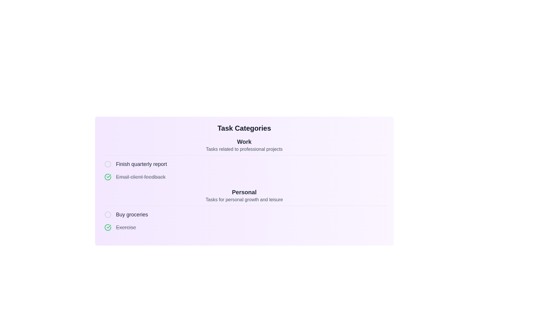 This screenshot has height=315, width=560. Describe the element at coordinates (244, 146) in the screenshot. I see `the Header with a subtitle element that displays 'Work' and 'Tasks related to professional projects'` at that location.